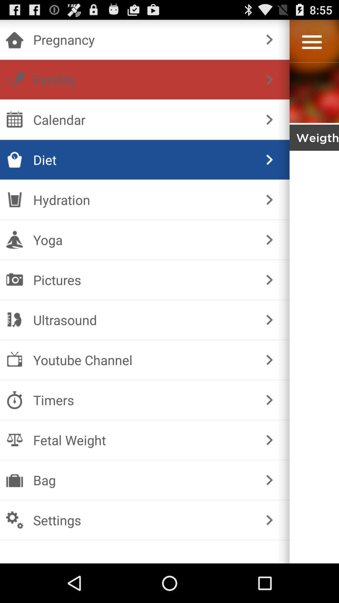 The height and width of the screenshot is (603, 339). What do you see at coordinates (143, 320) in the screenshot?
I see `the ultrasound` at bounding box center [143, 320].